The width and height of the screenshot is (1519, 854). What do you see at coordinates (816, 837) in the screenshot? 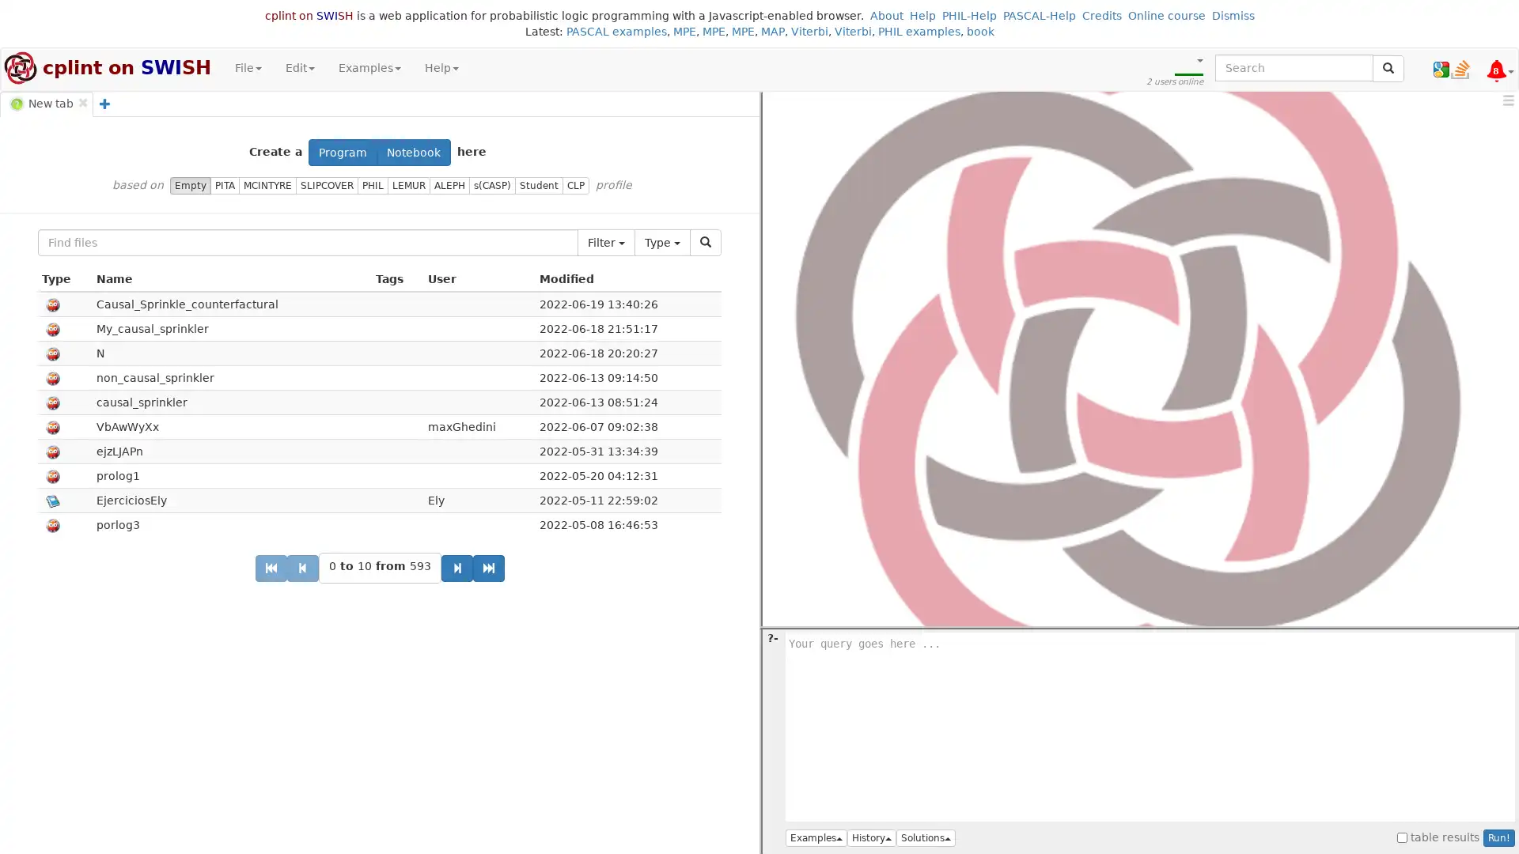
I see `Examples` at bounding box center [816, 837].